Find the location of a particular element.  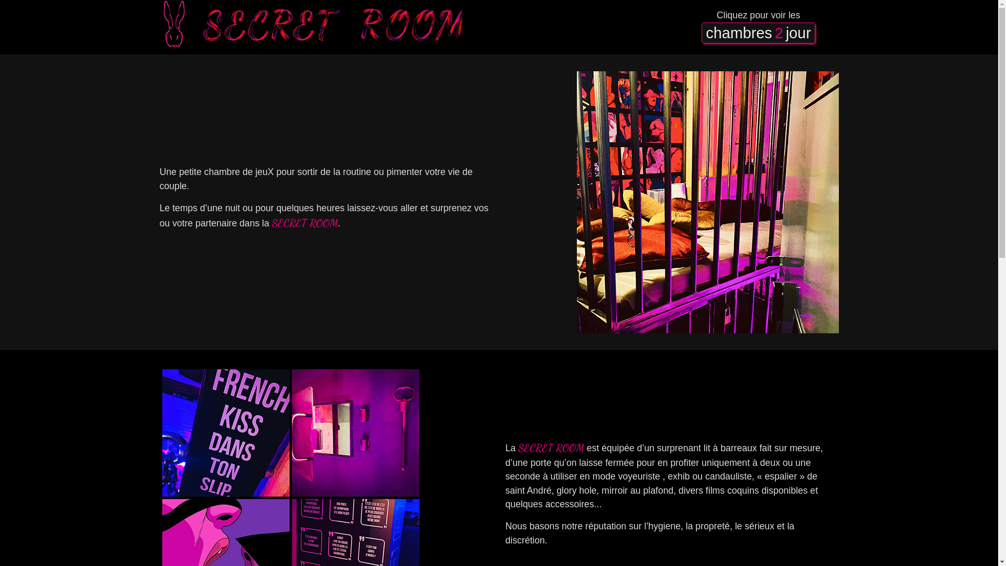

'chambres2jour' is located at coordinates (758, 32).